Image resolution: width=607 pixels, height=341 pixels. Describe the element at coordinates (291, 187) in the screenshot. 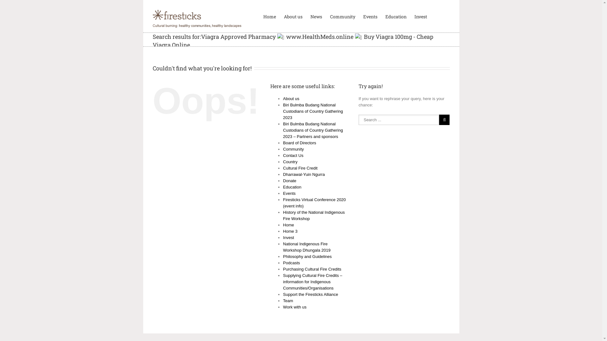

I see `'Education'` at that location.